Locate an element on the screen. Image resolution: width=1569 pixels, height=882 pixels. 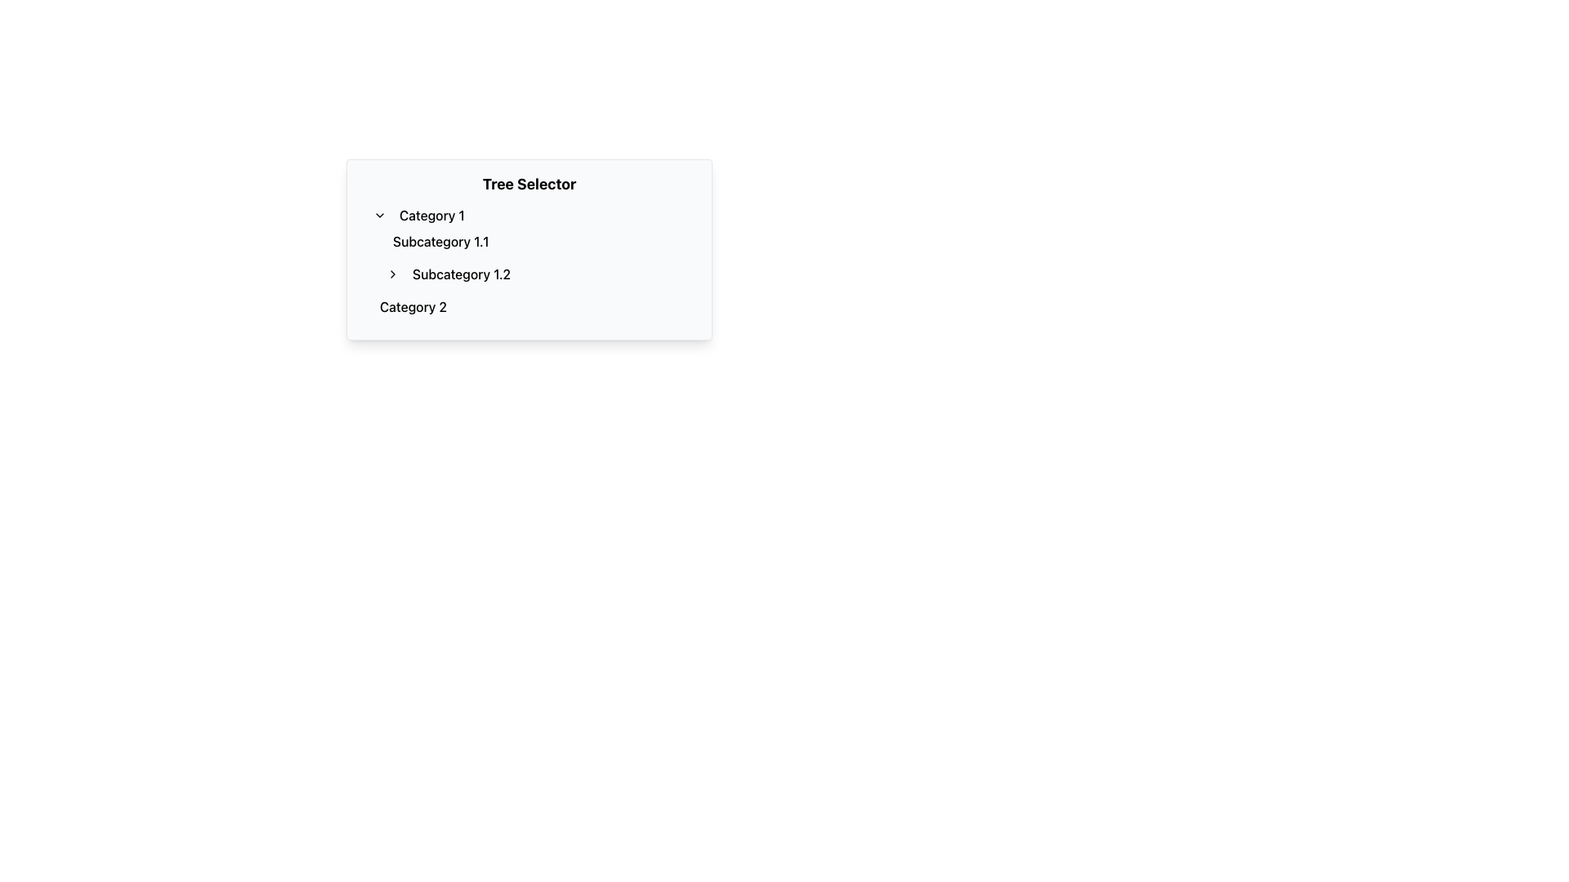
the 'Subcategory 1.1' label is located at coordinates (440, 242).